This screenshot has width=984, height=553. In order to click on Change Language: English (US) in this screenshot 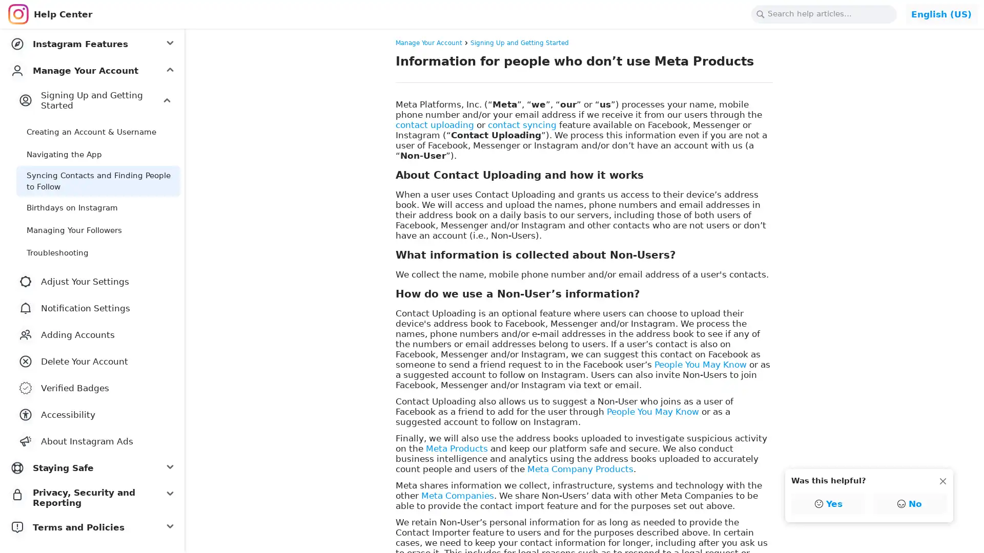, I will do `click(941, 14)`.